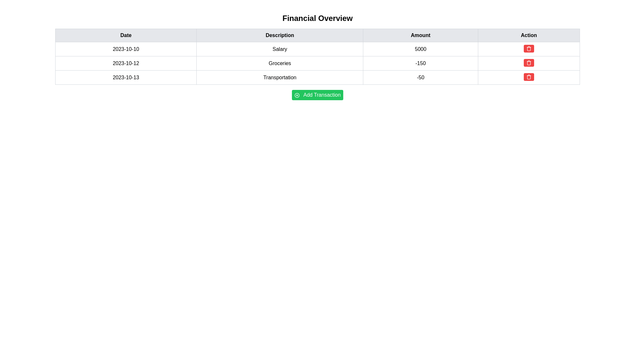  What do you see at coordinates (126, 35) in the screenshot?
I see `the header label for the 'Date' column in the table, located at the top-left corner and aligned with other headers like 'Description', 'Amount', and 'Action'` at bounding box center [126, 35].